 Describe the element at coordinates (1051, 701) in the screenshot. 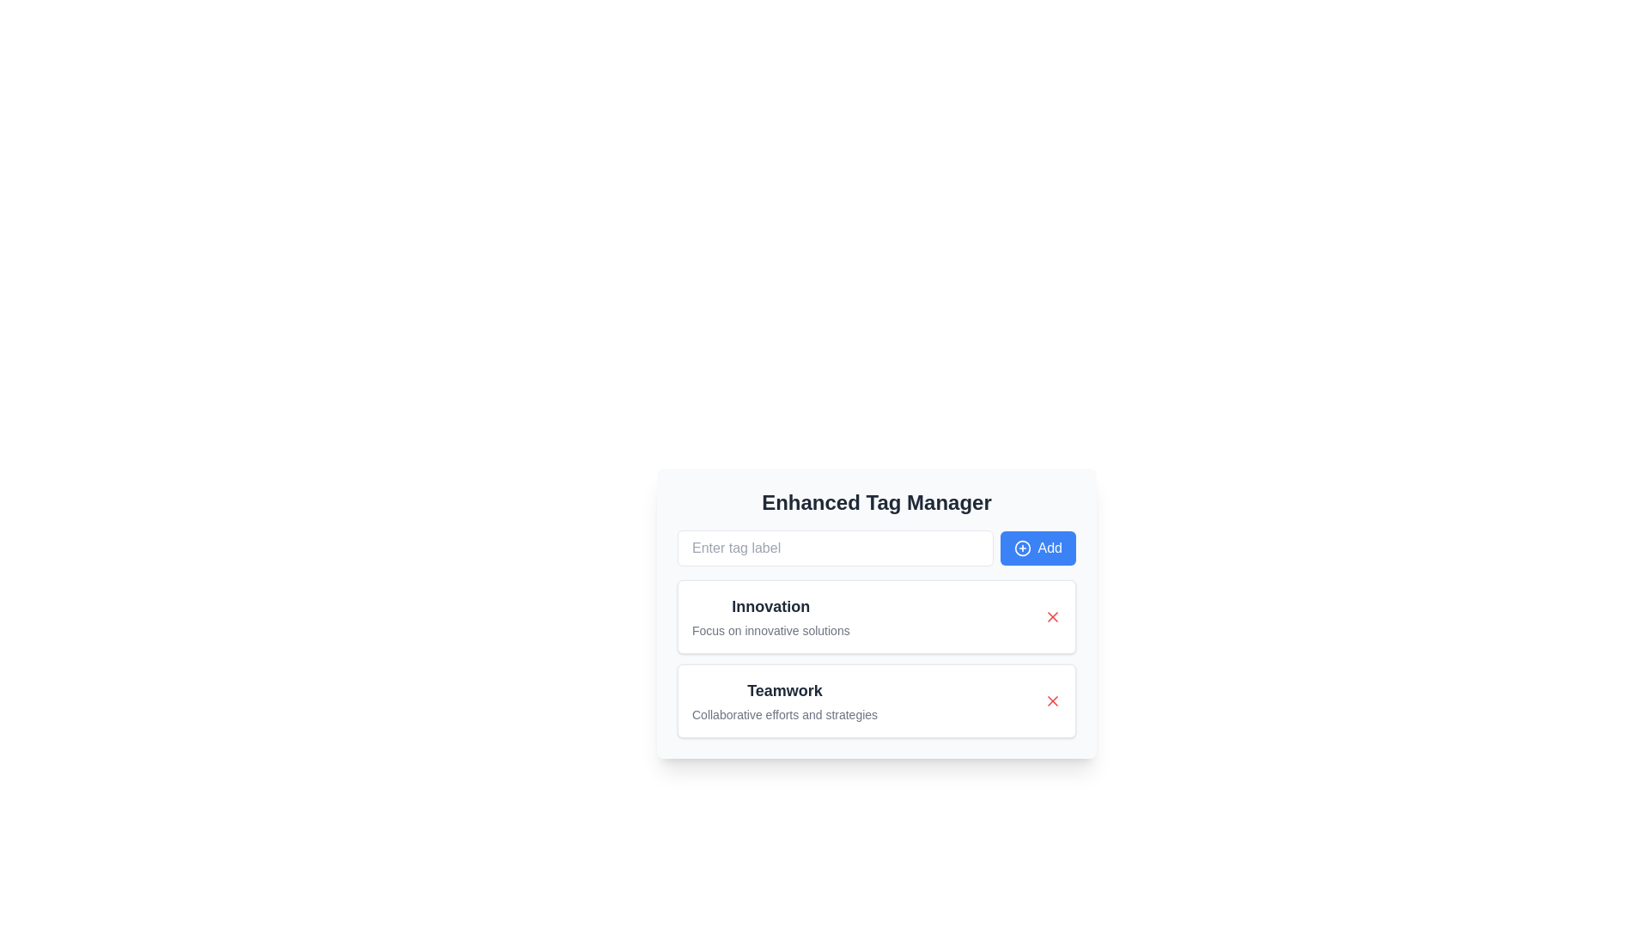

I see `the red 'X' icon button located in the top-right corner of the 'Teamwork' section` at that location.